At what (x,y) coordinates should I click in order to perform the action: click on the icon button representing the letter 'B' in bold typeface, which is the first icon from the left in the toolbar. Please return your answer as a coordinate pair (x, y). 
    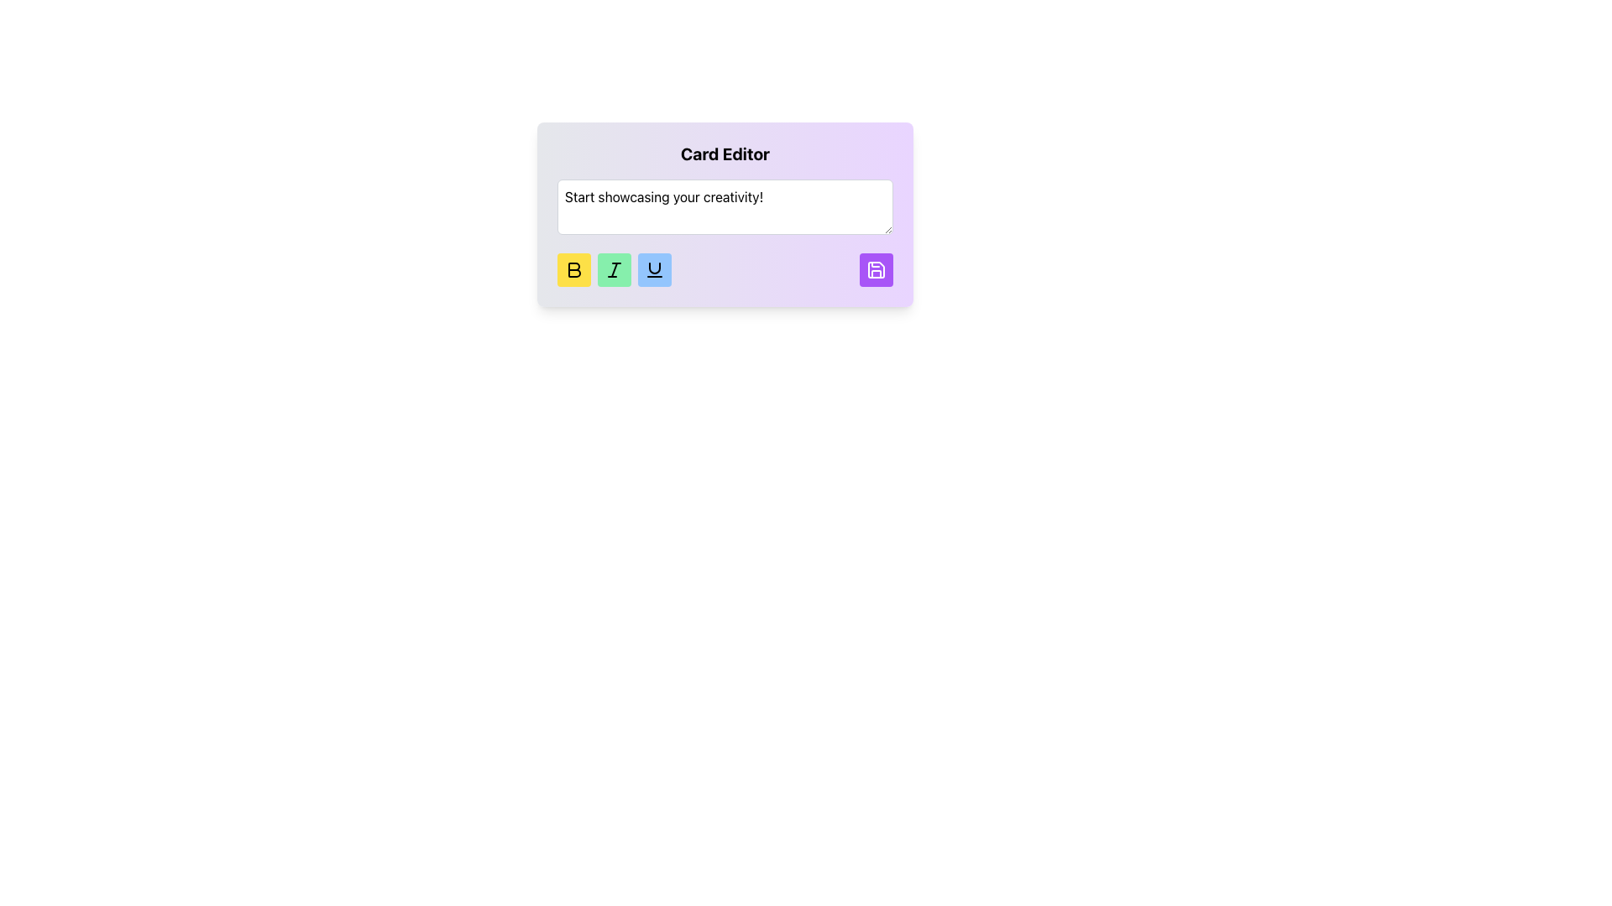
    Looking at the image, I should click on (574, 268).